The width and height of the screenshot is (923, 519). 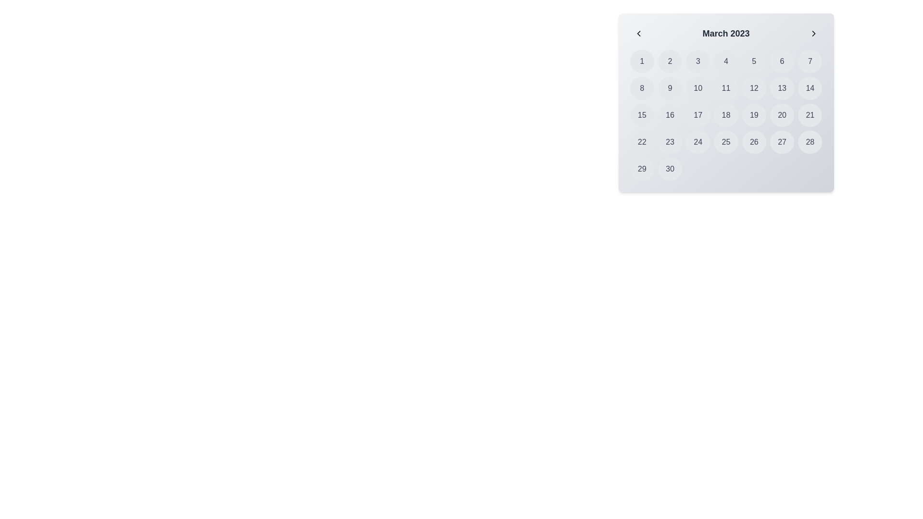 I want to click on the button representing the 23rd day of the month in the calendar interface to change its background color, so click(x=669, y=142).